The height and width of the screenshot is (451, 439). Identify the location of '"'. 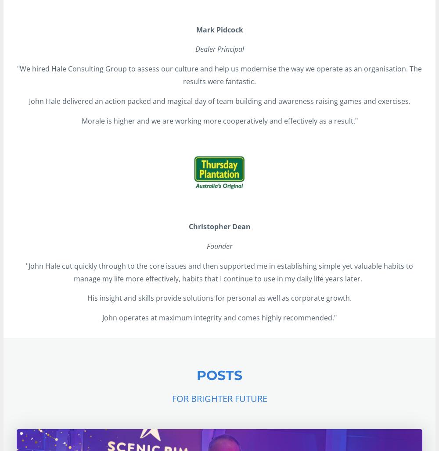
(27, 265).